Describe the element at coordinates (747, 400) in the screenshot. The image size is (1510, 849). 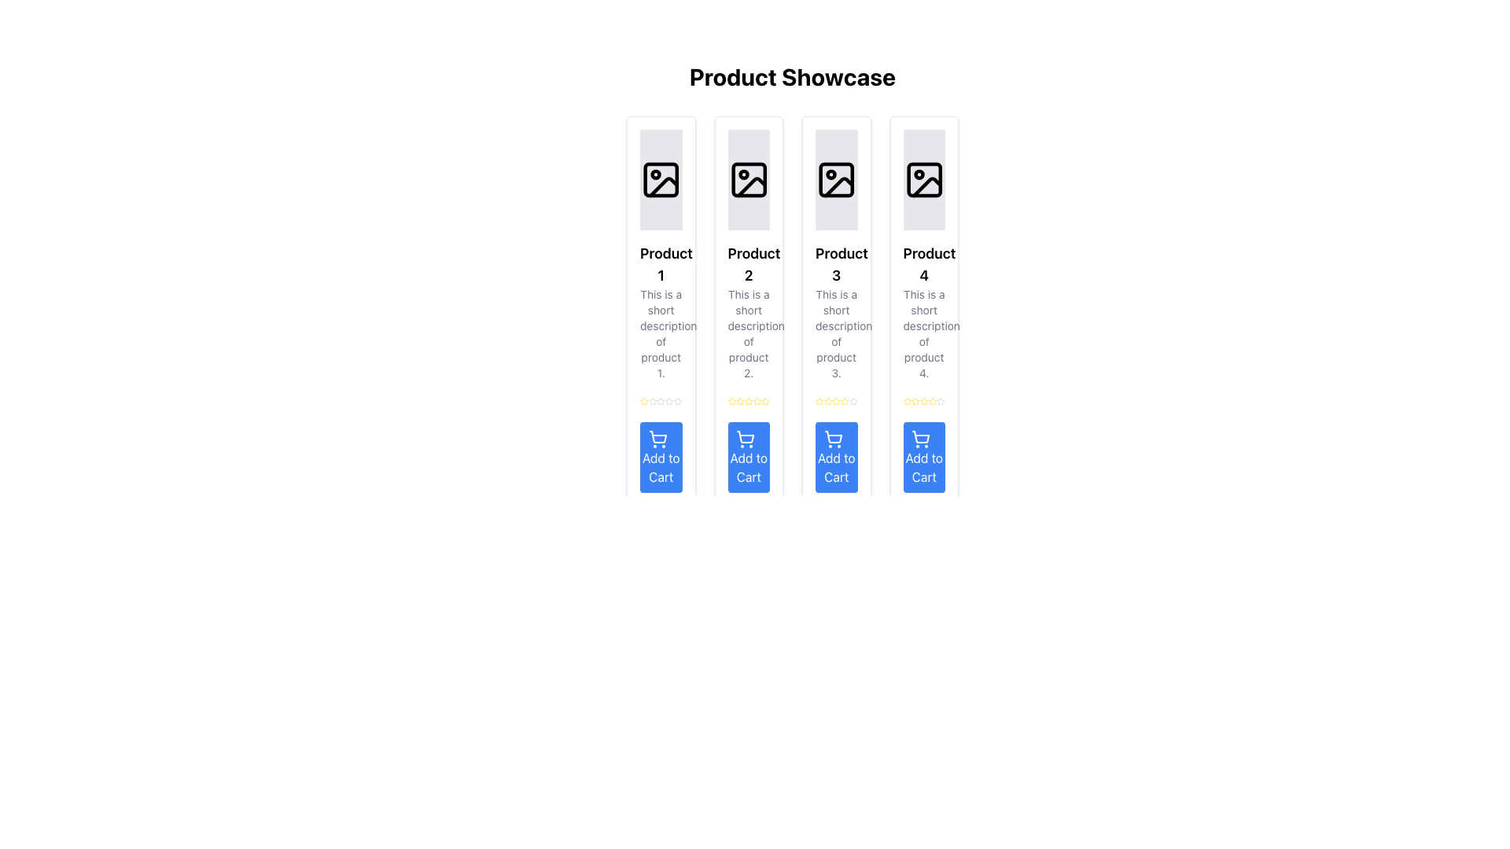
I see `the fourth star icon in the rating system under 'Product 2' in the 'Product Showcase' section to rate the product` at that location.